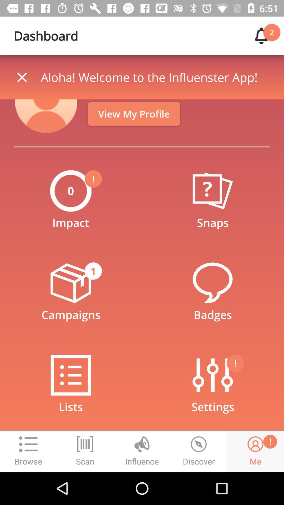 The image size is (284, 505). What do you see at coordinates (212, 283) in the screenshot?
I see `the chat icon` at bounding box center [212, 283].